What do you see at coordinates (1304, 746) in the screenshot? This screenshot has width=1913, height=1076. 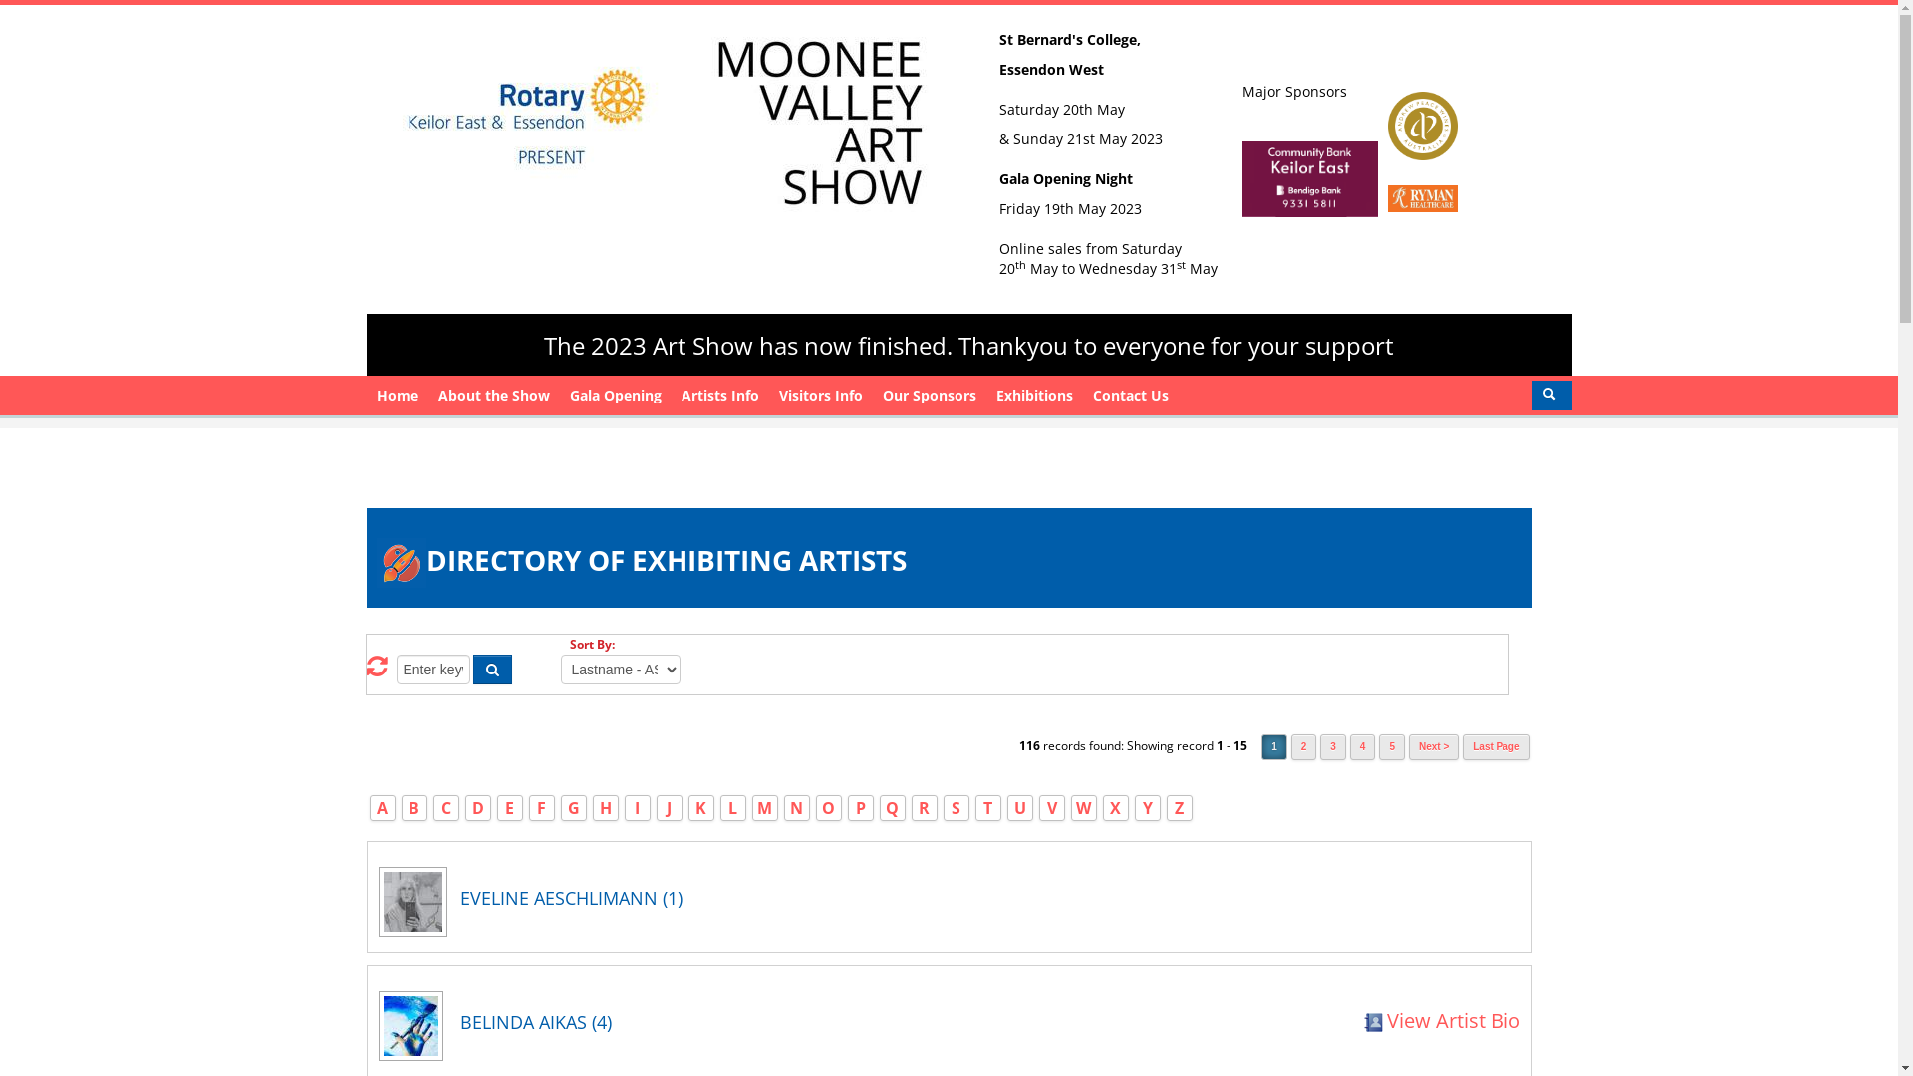 I see `'2'` at bounding box center [1304, 746].